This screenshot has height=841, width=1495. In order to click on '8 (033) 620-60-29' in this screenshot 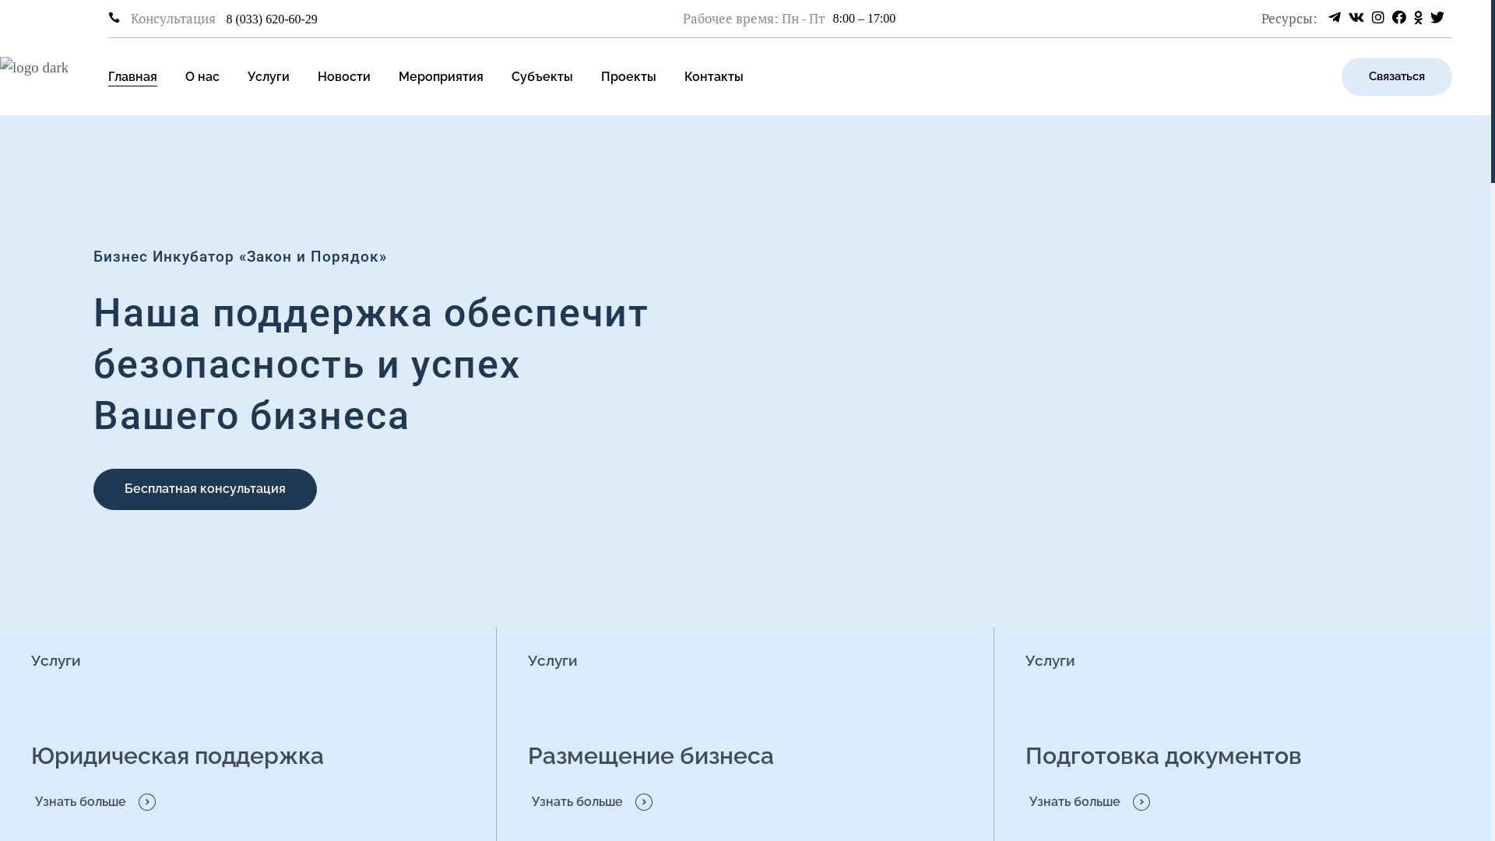, I will do `click(272, 19)`.